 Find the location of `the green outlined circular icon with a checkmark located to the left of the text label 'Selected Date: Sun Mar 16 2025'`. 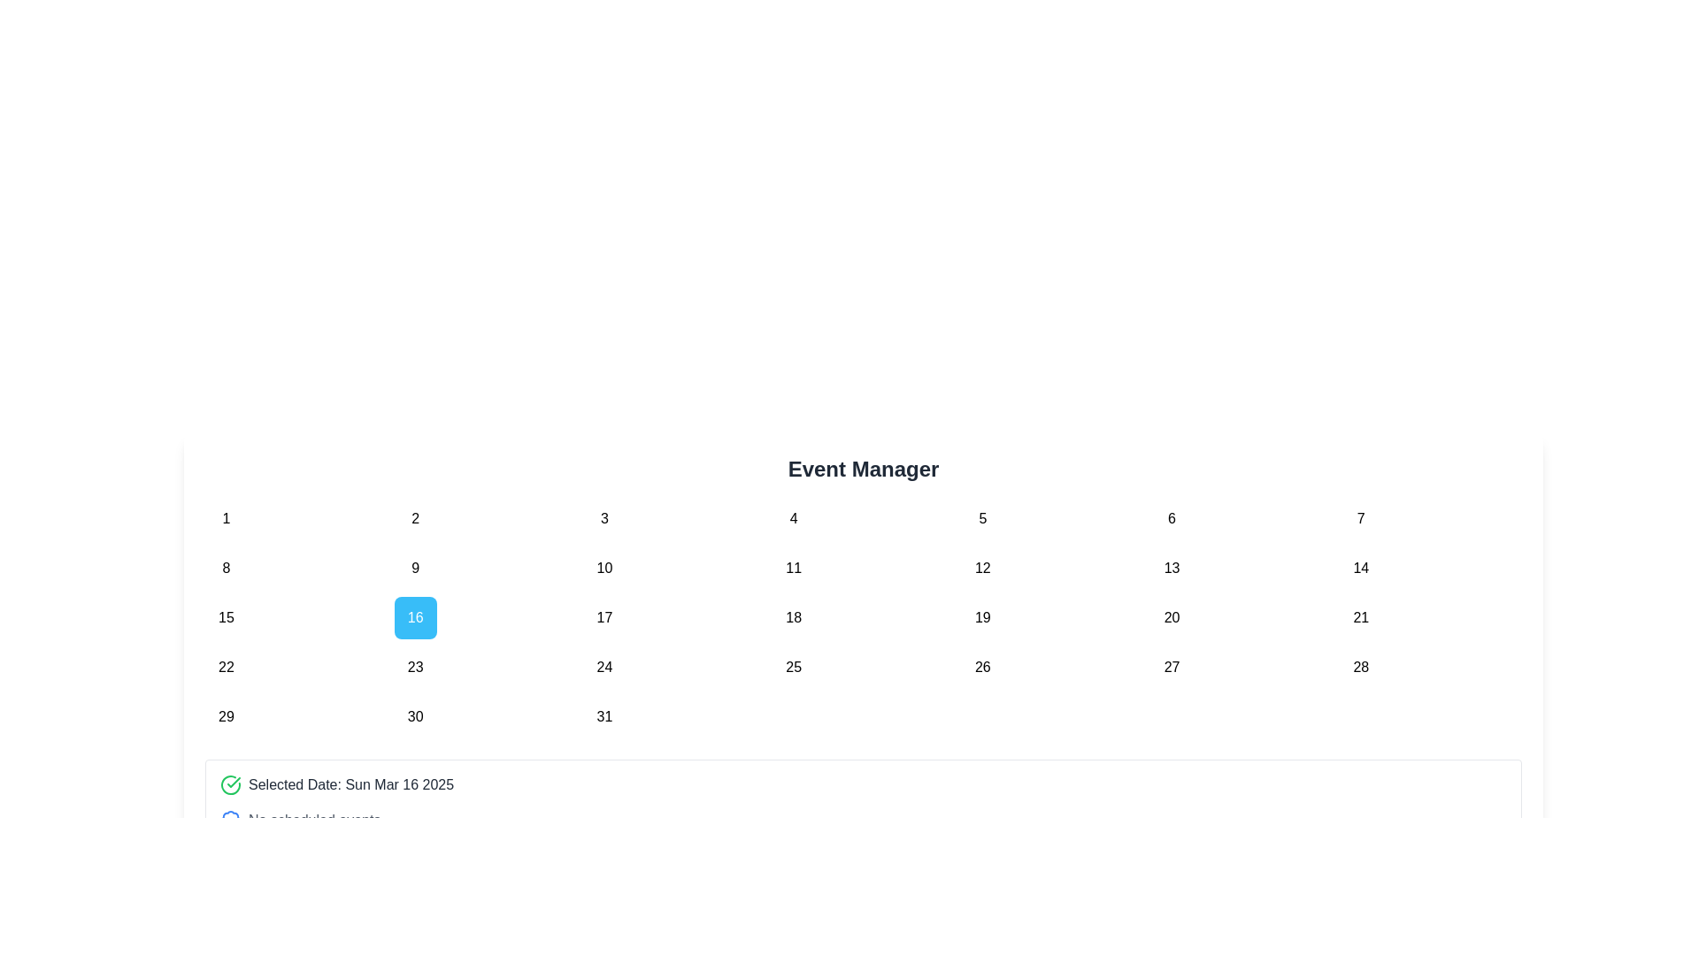

the green outlined circular icon with a checkmark located to the left of the text label 'Selected Date: Sun Mar 16 2025' is located at coordinates (229, 783).